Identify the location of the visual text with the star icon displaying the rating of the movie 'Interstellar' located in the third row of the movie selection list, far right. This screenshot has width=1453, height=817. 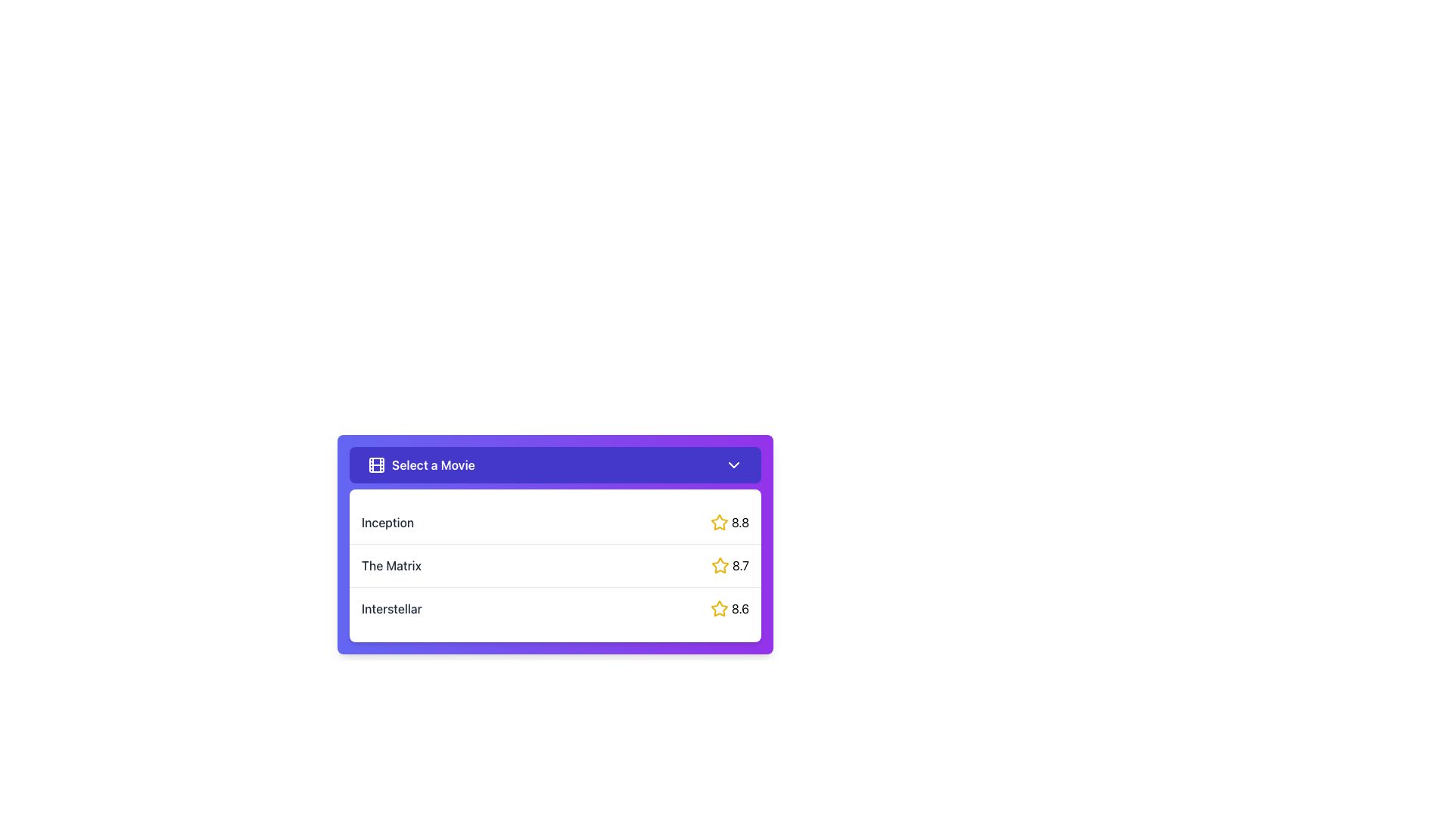
(730, 608).